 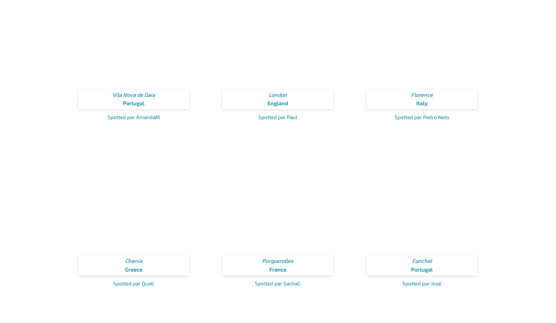 I want to click on 'Porquerolles', so click(x=278, y=260).